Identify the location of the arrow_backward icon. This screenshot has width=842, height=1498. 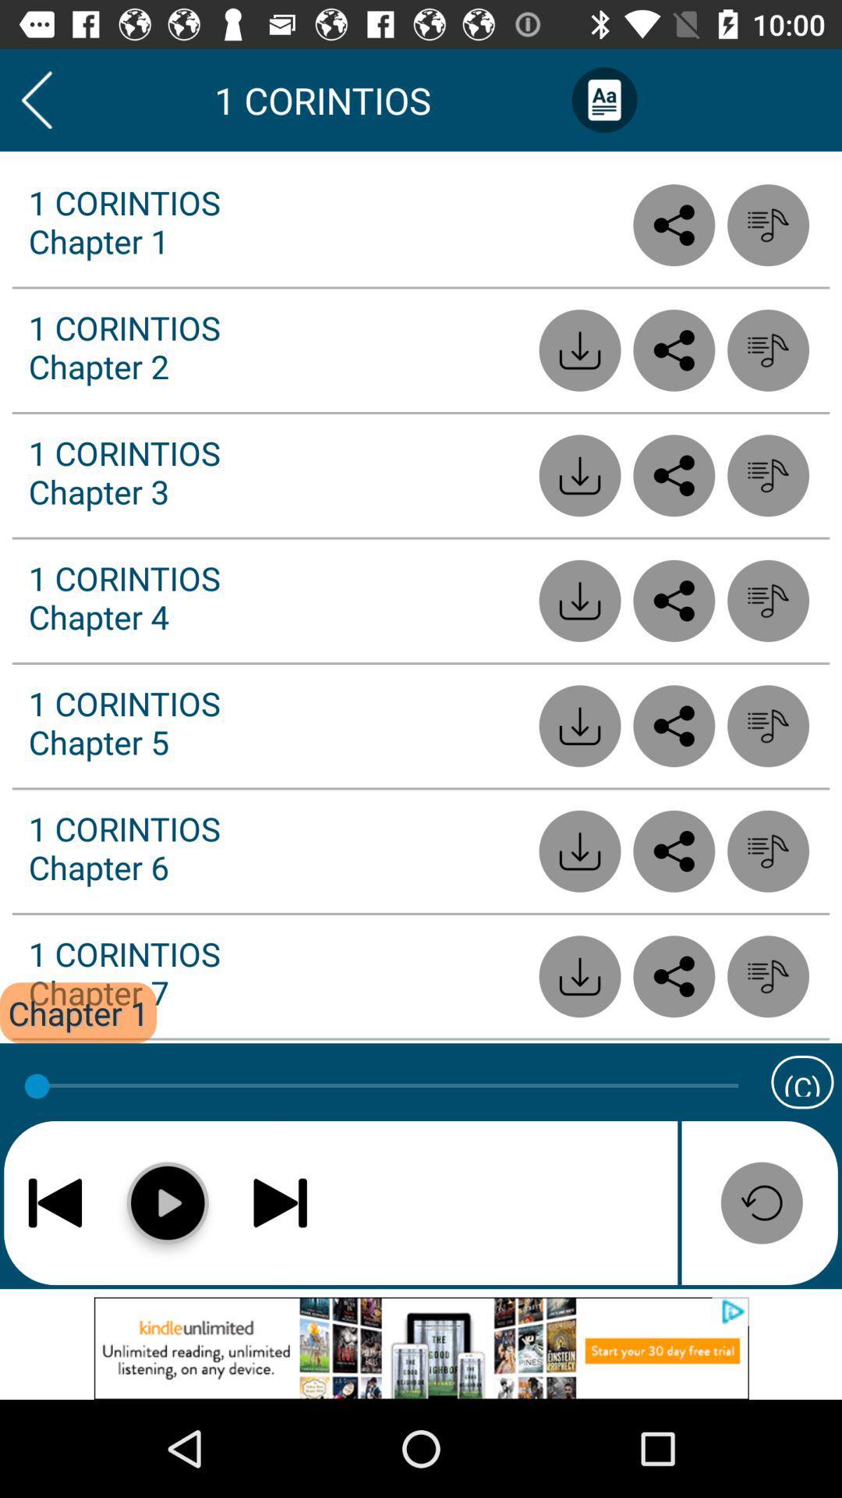
(36, 99).